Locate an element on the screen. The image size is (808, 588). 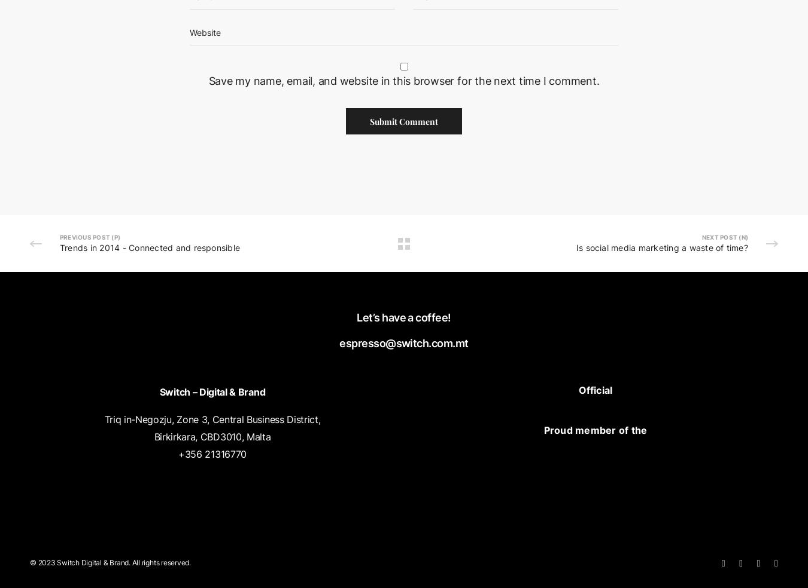
'Trends in 2014 - Connected and responsible' is located at coordinates (149, 247).